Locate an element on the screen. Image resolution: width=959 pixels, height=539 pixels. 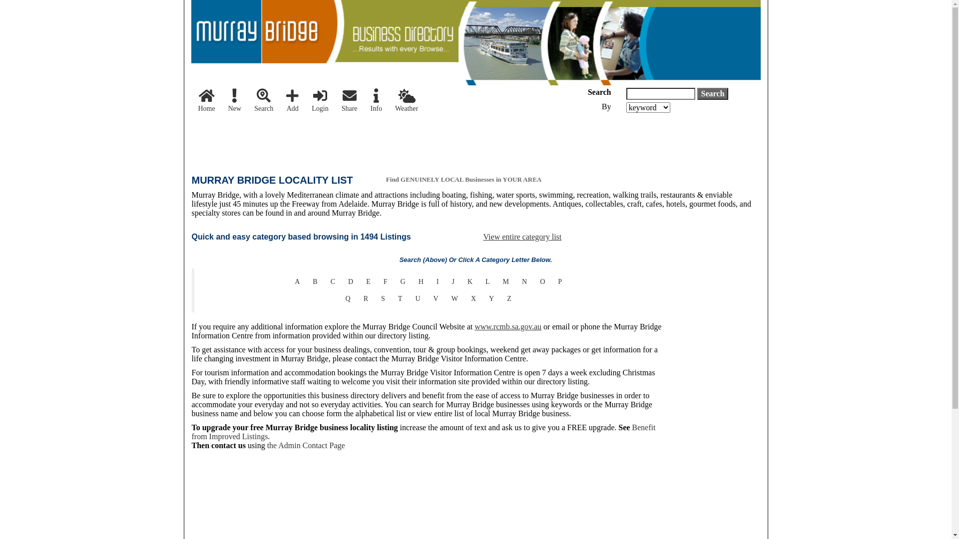
'Y' is located at coordinates (491, 298).